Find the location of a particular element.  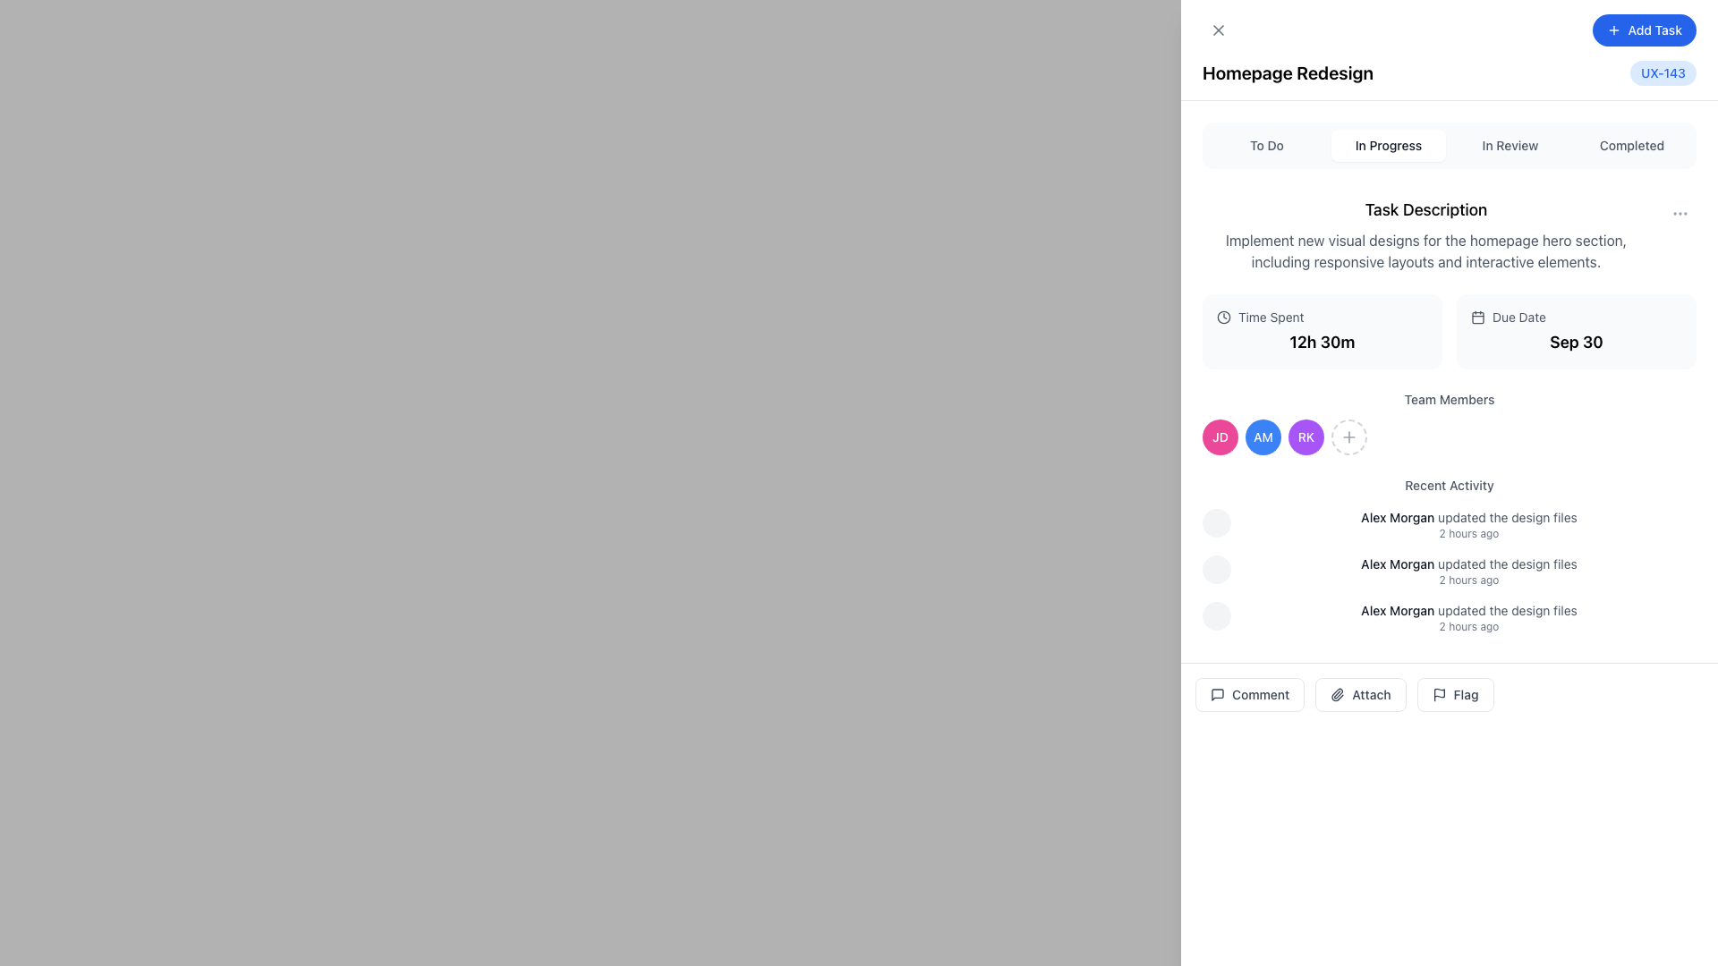

the Profile badge featuring a purple background and the white text 'RK', which is the third circular badge from the left under the 'Team Members' heading is located at coordinates (1306, 437).